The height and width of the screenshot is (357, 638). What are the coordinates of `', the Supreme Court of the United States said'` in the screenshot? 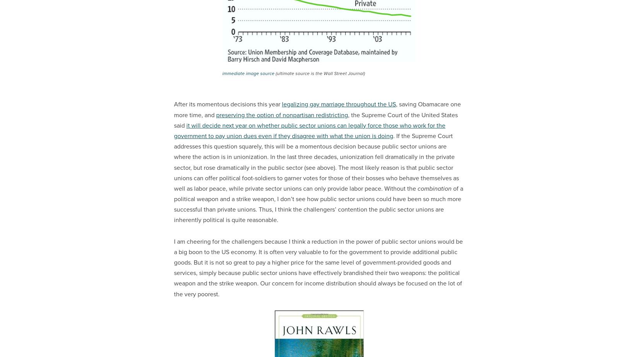 It's located at (173, 120).